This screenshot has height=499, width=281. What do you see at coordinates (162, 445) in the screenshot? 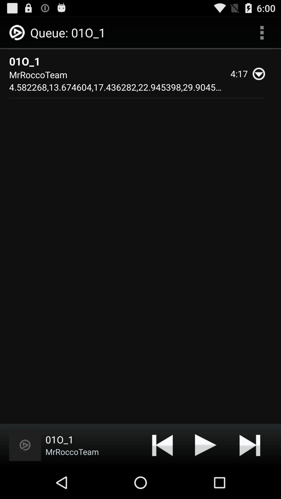
I see `previous song` at bounding box center [162, 445].